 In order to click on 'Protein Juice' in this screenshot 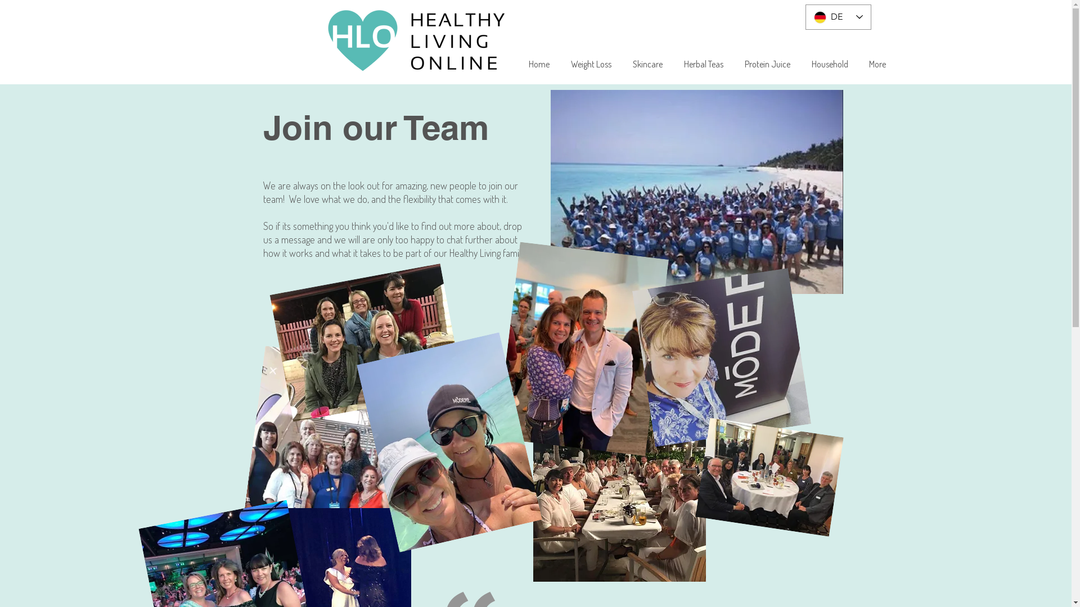, I will do `click(767, 64)`.